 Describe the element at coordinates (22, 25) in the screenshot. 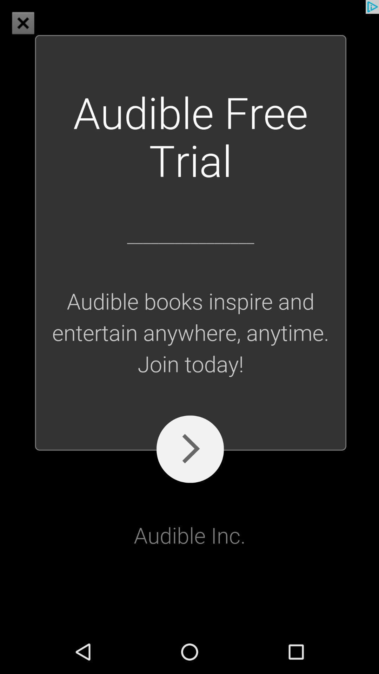

I see `the close icon` at that location.